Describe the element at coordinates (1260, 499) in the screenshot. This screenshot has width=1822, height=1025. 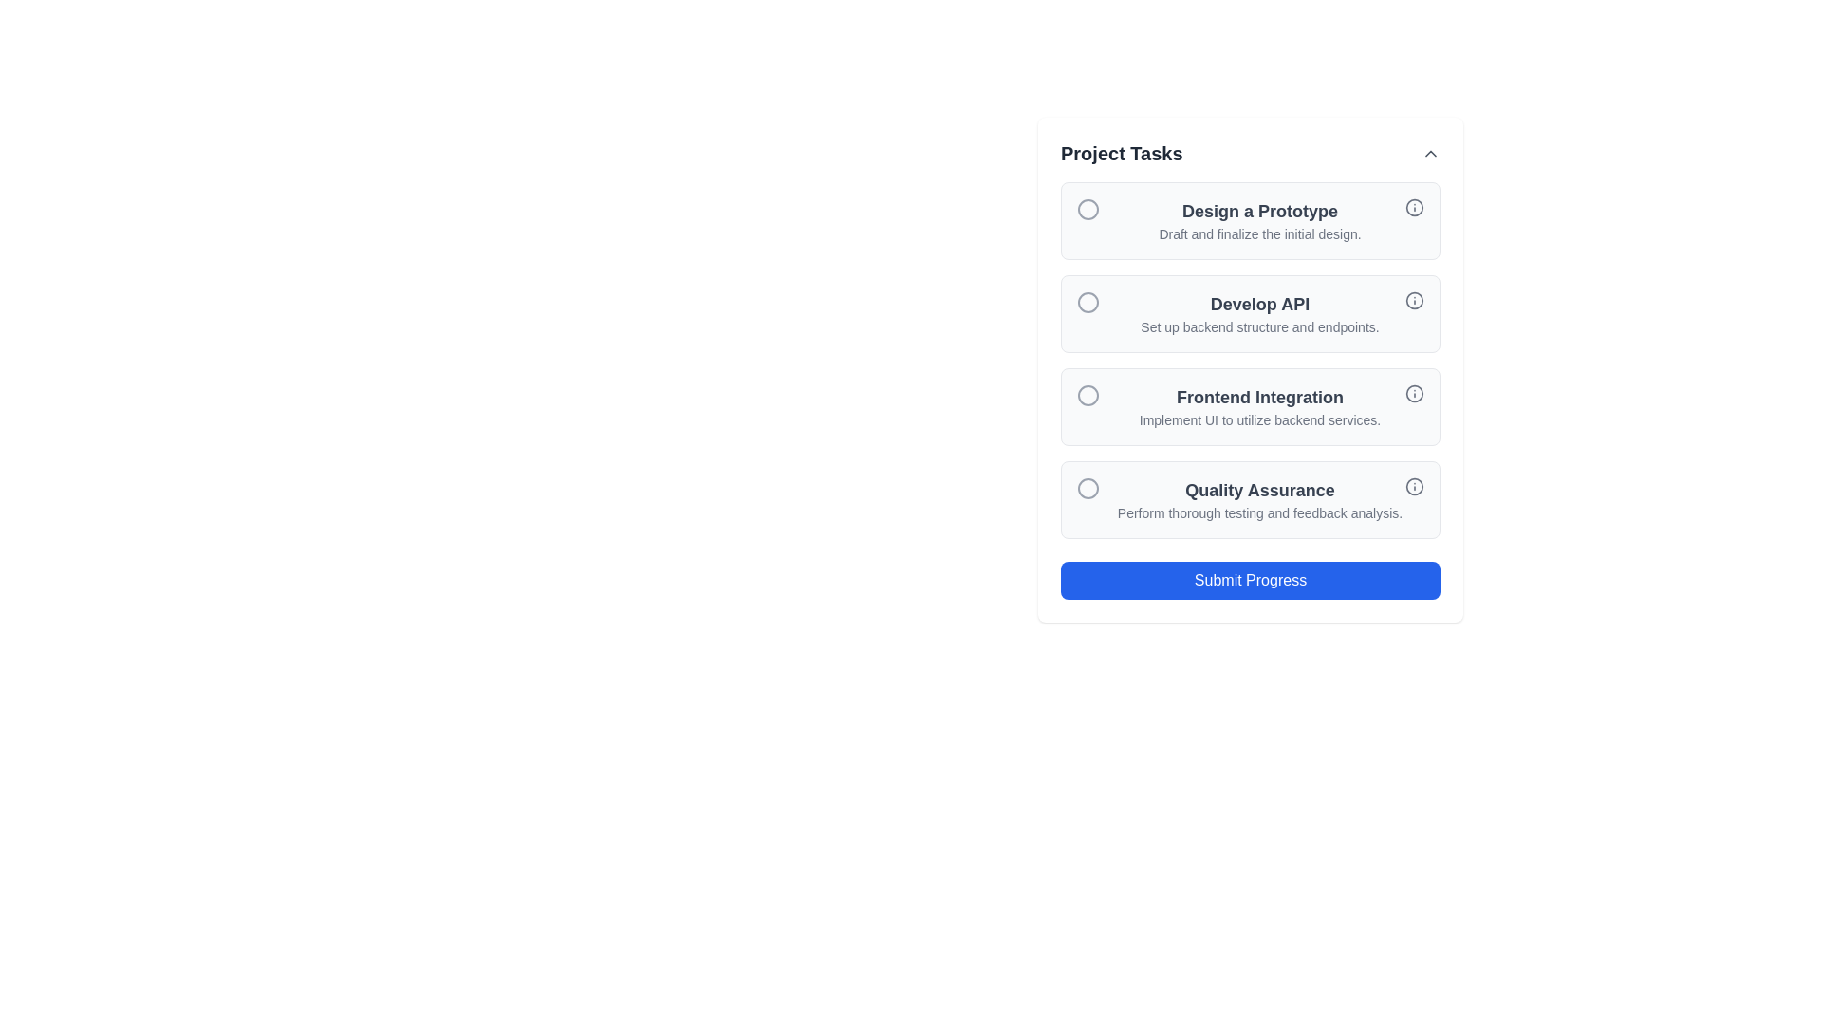
I see `the text block titled 'Quality Assurance' which contains the description 'Perform thorough testing and feedback analysis', located in the fourth row of the 'Project Tasks' card` at that location.